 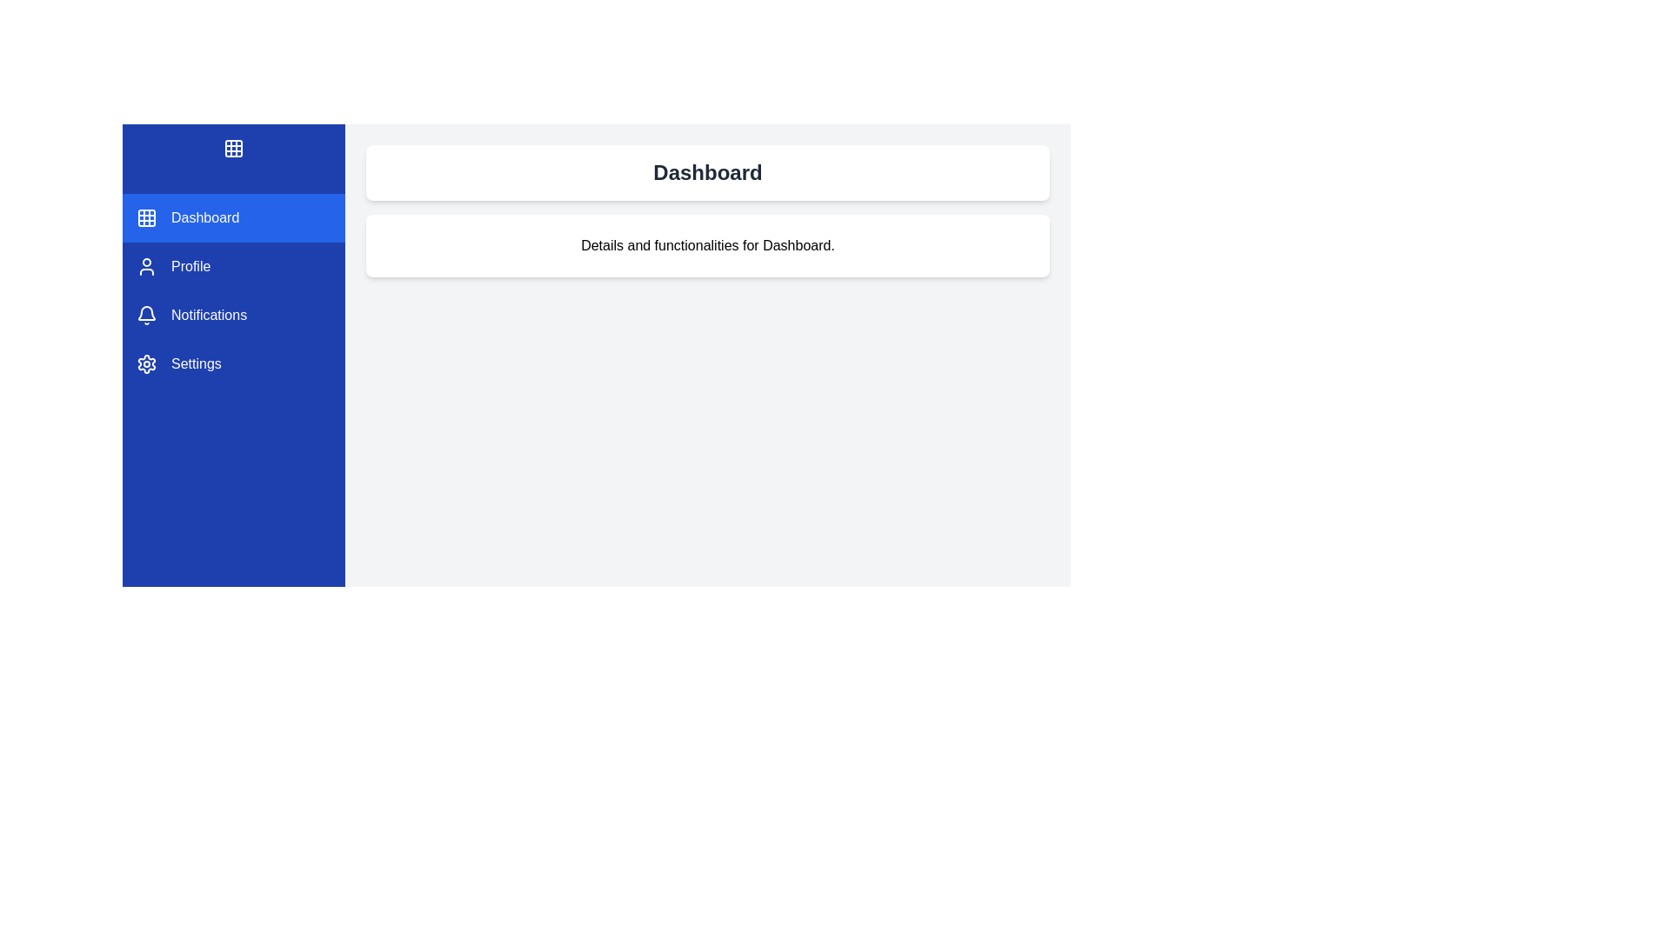 I want to click on the icon button located in the top-left corner of the vertical navigation bar, above the 'Dashboard' menu item, so click(x=232, y=147).